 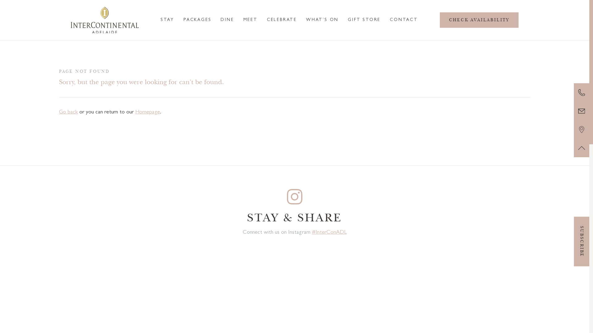 I want to click on 'Homepage', so click(x=147, y=113).